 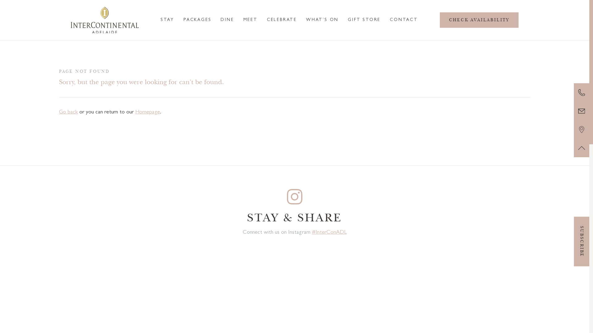 I want to click on 'Homepage', so click(x=147, y=113).